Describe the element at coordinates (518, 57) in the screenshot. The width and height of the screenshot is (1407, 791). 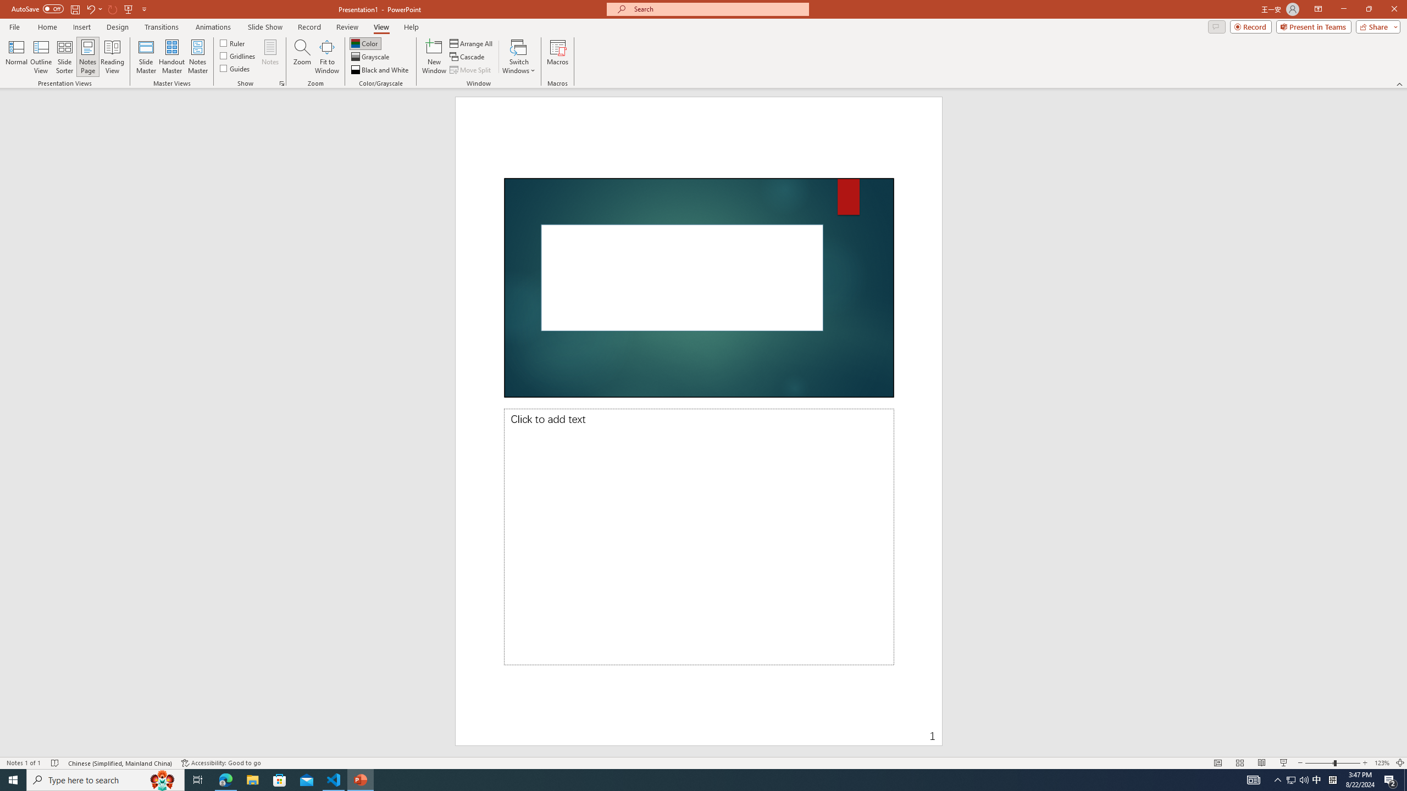
I see `'Switch Windows'` at that location.